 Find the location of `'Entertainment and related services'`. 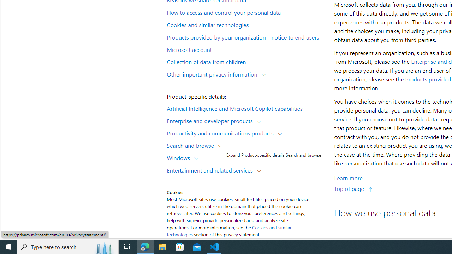

'Entertainment and related services' is located at coordinates (211, 170).